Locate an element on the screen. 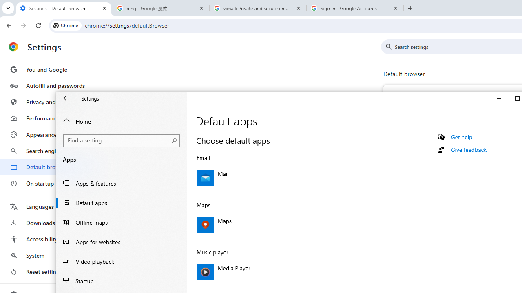 This screenshot has width=522, height=293. 'Apps & features' is located at coordinates (121, 183).